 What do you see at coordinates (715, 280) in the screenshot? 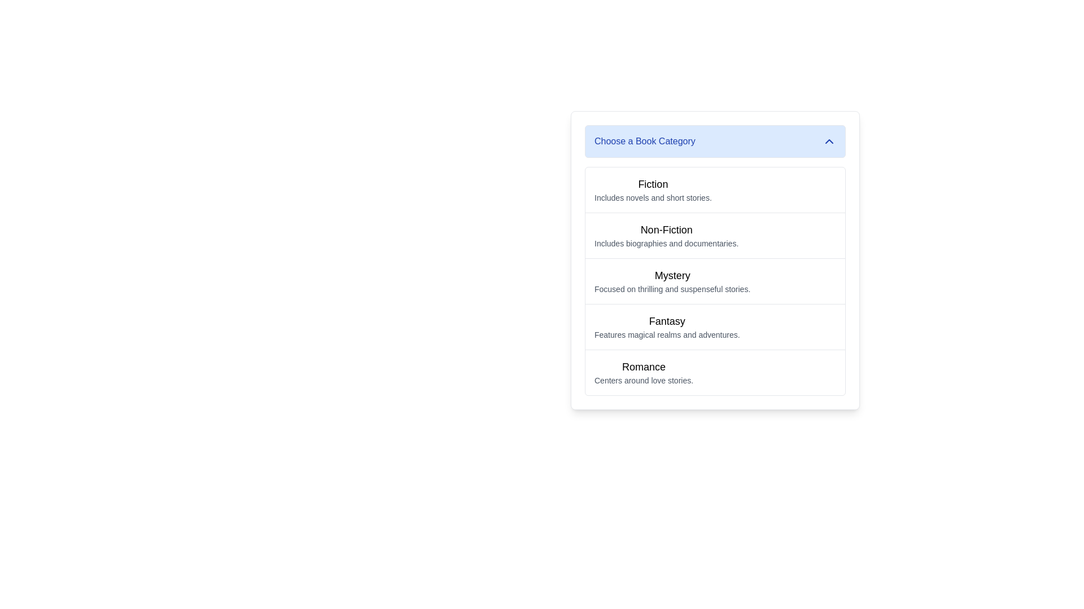
I see `the third entry in the vertical list of book categories, which includes Fiction, Non-Fiction, Mystery, Fantasy, and Romance, to trigger potential effects` at bounding box center [715, 280].